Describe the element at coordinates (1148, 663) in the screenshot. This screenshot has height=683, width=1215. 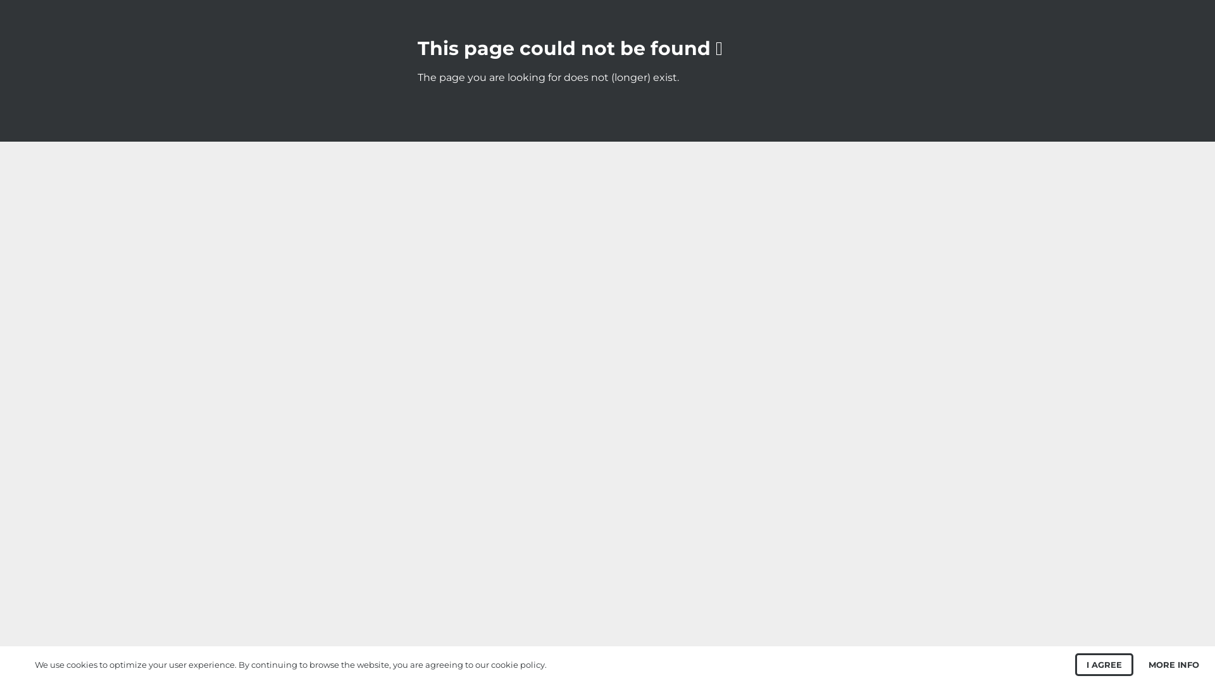
I see `'MORE INFO'` at that location.